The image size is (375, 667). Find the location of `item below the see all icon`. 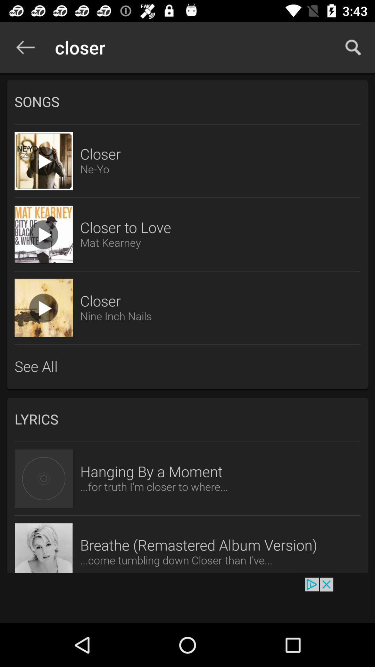

item below the see all icon is located at coordinates (187, 419).